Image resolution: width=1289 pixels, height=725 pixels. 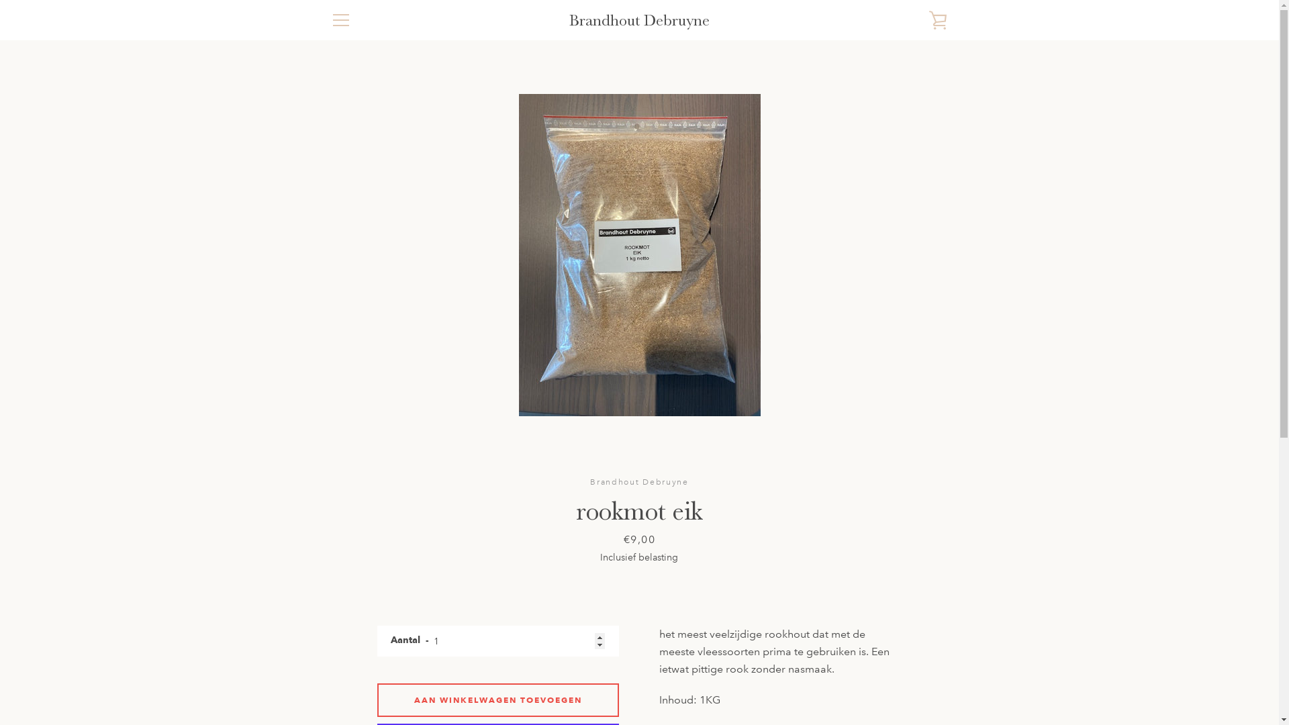 What do you see at coordinates (340, 20) in the screenshot?
I see `'MENU'` at bounding box center [340, 20].